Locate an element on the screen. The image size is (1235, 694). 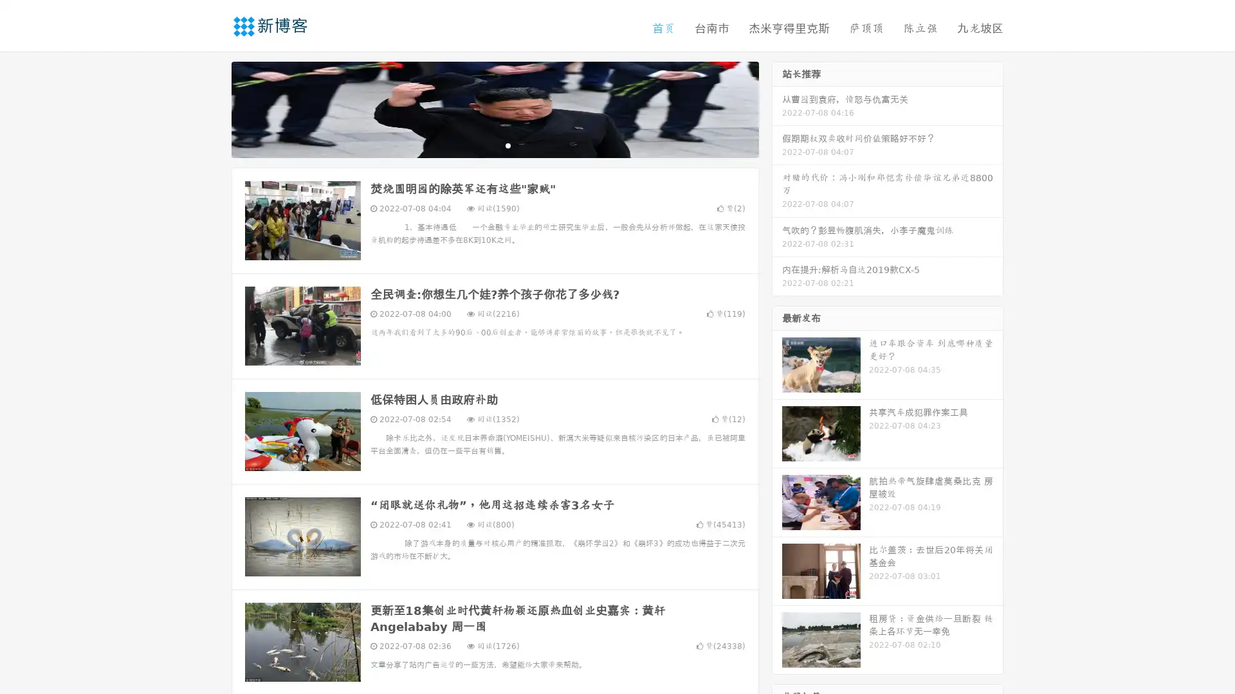
Go to slide 2 is located at coordinates (494, 145).